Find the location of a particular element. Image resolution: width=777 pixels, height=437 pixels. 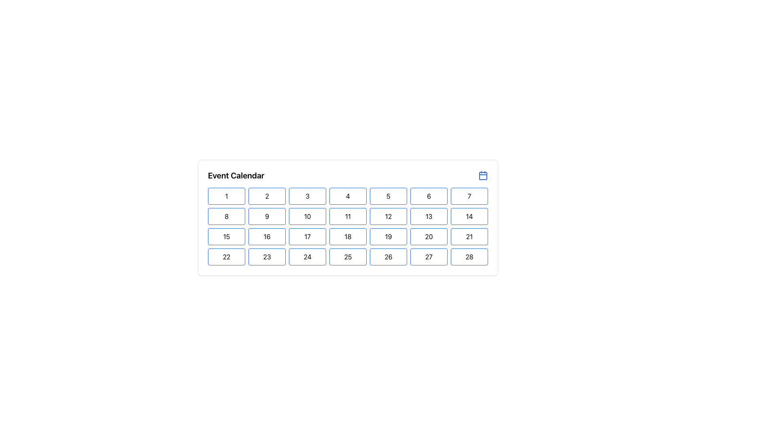

the button located in the first row, third column of the grid is located at coordinates (307, 196).